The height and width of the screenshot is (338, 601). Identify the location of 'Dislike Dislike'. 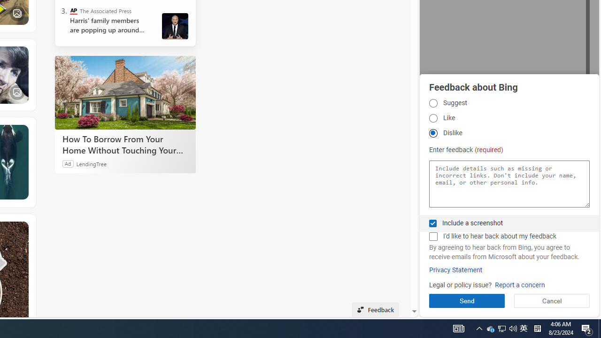
(432, 133).